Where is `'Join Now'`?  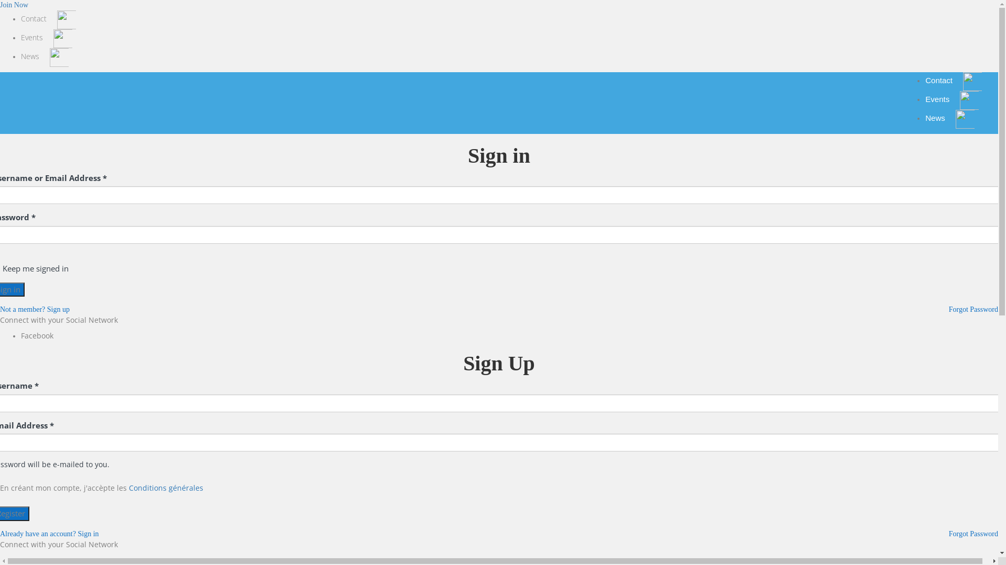 'Join Now' is located at coordinates (0, 5).